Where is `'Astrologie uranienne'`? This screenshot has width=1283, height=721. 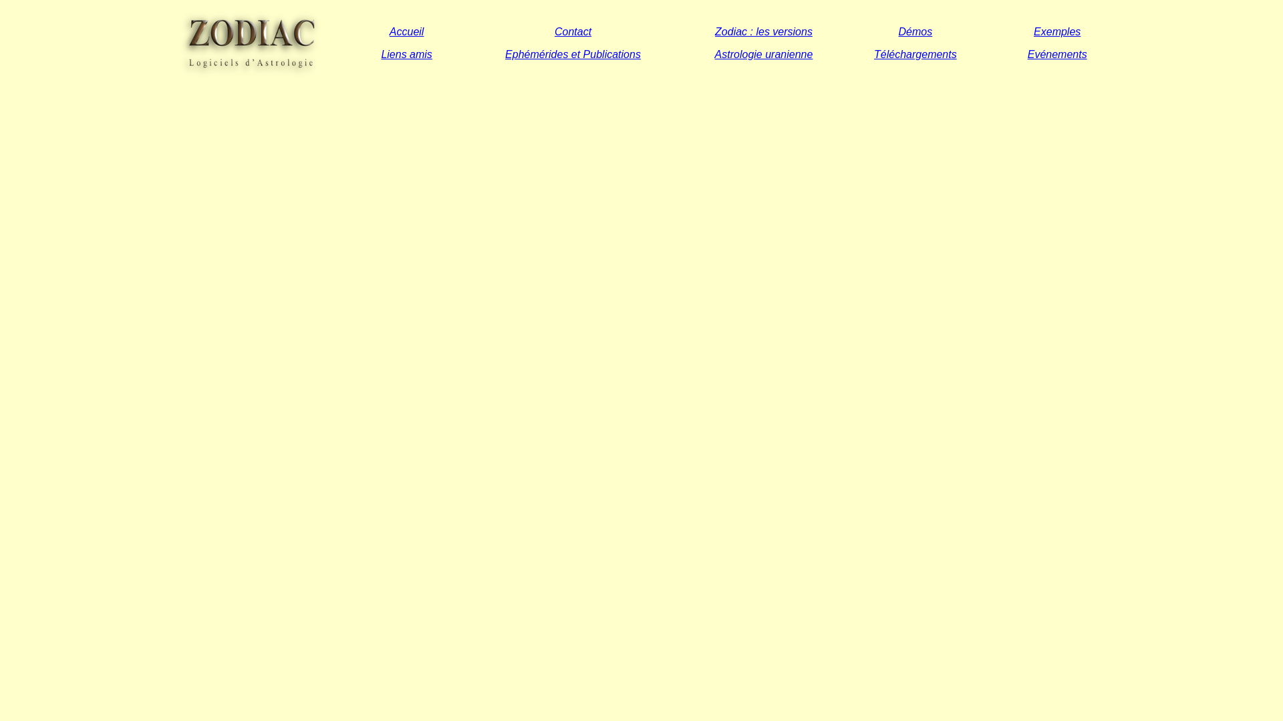
'Astrologie uranienne' is located at coordinates (764, 53).